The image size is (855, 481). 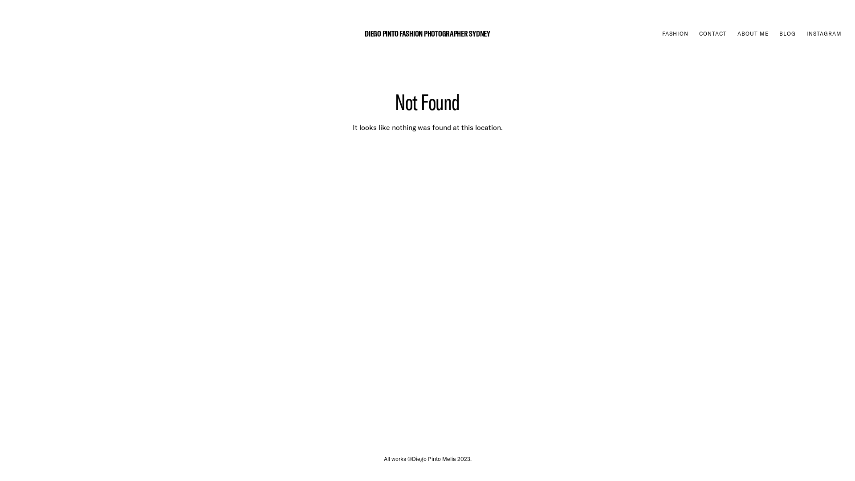 What do you see at coordinates (675, 33) in the screenshot?
I see `'FASHION'` at bounding box center [675, 33].